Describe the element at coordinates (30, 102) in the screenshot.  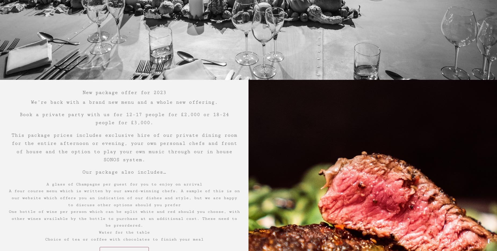
I see `'We’re back with a brand new menu and a whole new offering.'` at that location.